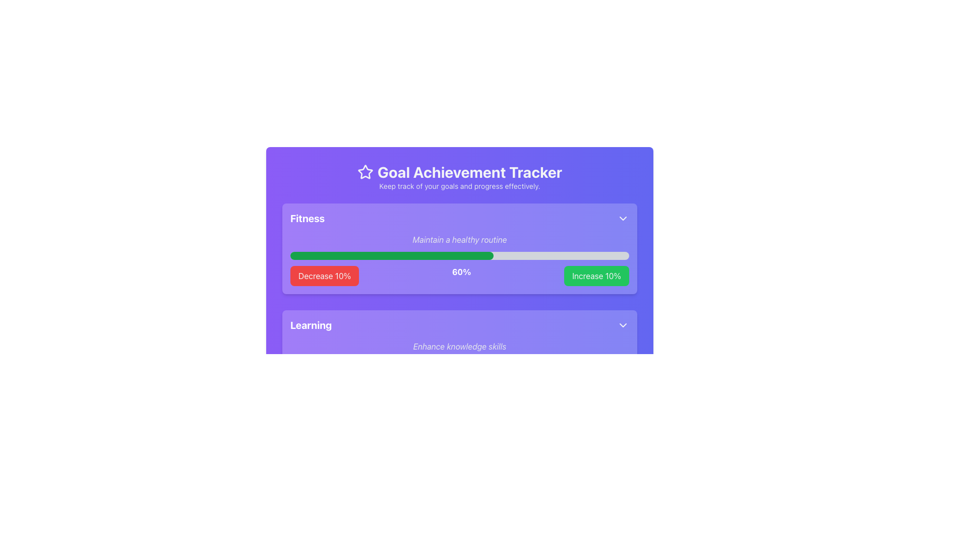  Describe the element at coordinates (391, 255) in the screenshot. I see `the green progress bar in the 'Fitness' section of the 'Goal Achievement Tracker', which is filled to 60% of its width` at that location.